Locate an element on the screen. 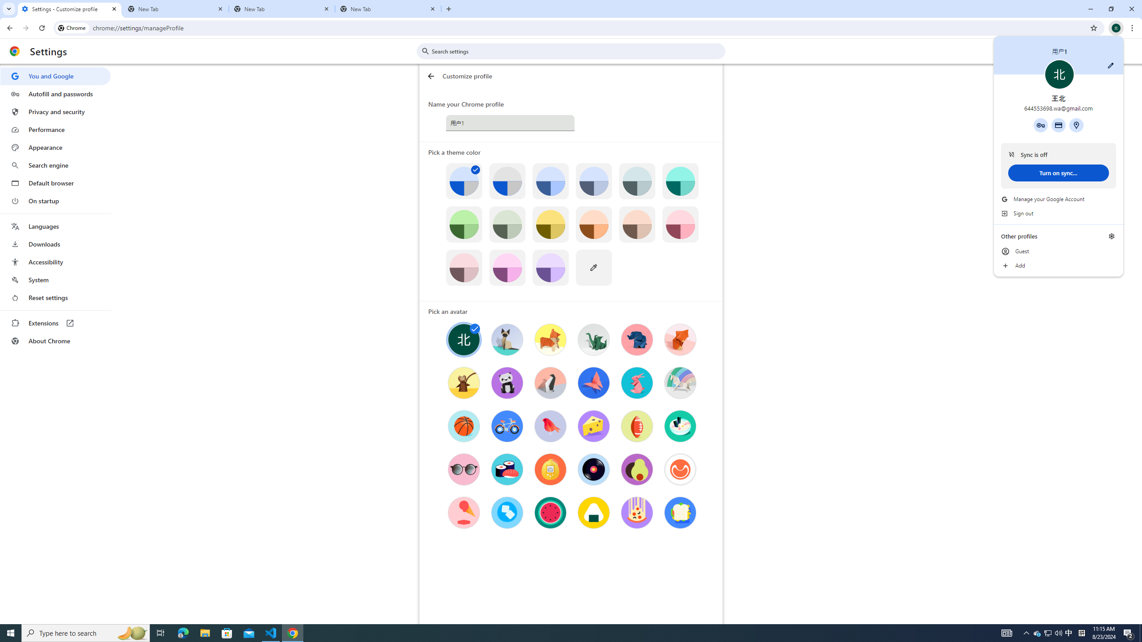  'Search engine' is located at coordinates (55, 165).